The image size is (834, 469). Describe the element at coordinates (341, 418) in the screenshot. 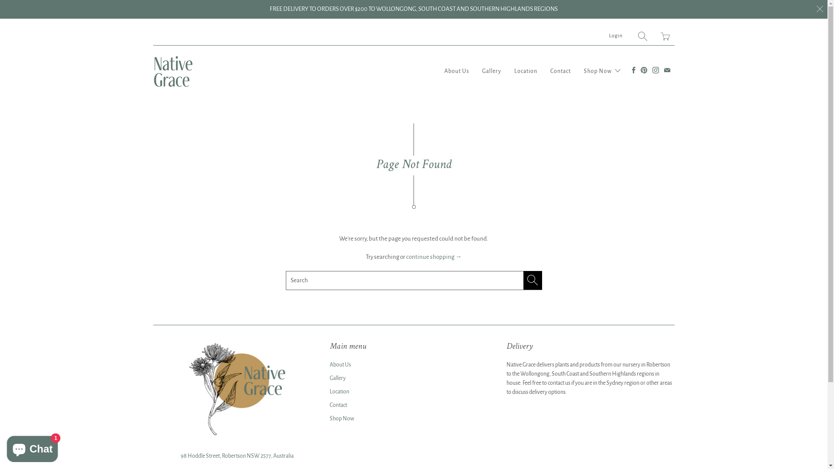

I see `'Shop Now'` at that location.